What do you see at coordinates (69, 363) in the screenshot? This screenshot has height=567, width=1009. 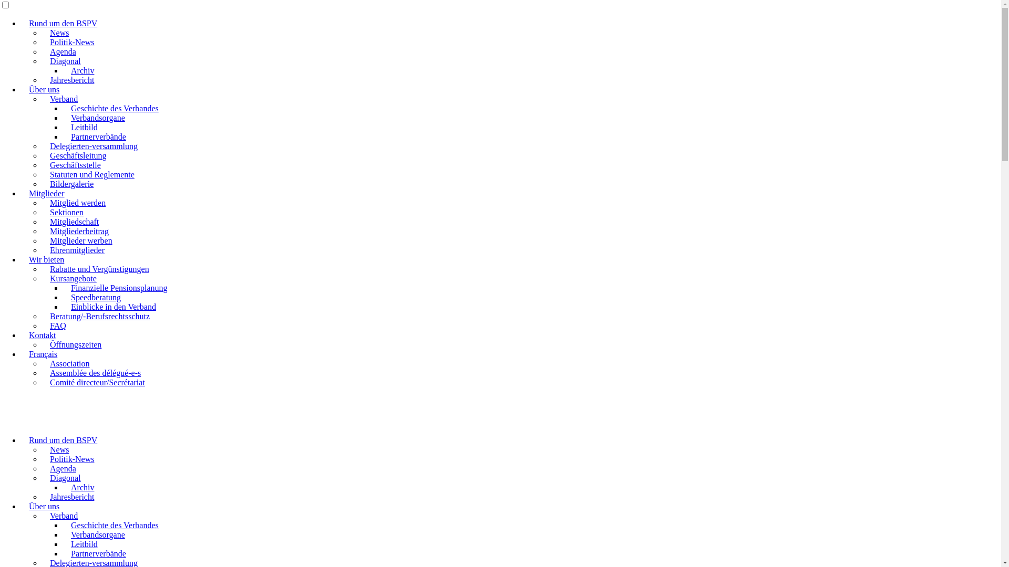 I see `'Association'` at bounding box center [69, 363].